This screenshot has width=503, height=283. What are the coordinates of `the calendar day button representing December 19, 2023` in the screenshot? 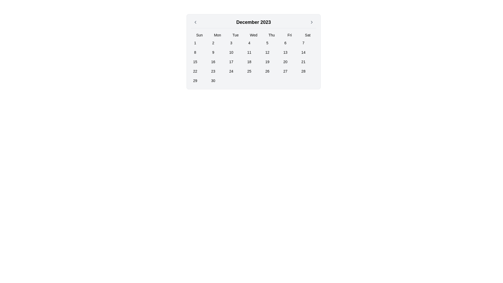 It's located at (267, 61).